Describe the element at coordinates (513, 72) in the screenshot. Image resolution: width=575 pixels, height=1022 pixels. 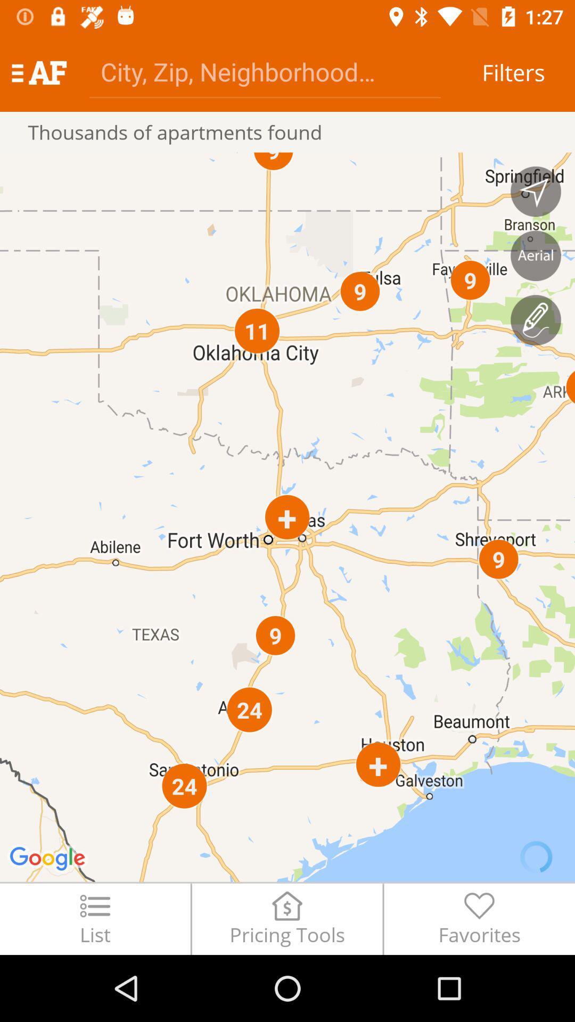
I see `the filters` at that location.